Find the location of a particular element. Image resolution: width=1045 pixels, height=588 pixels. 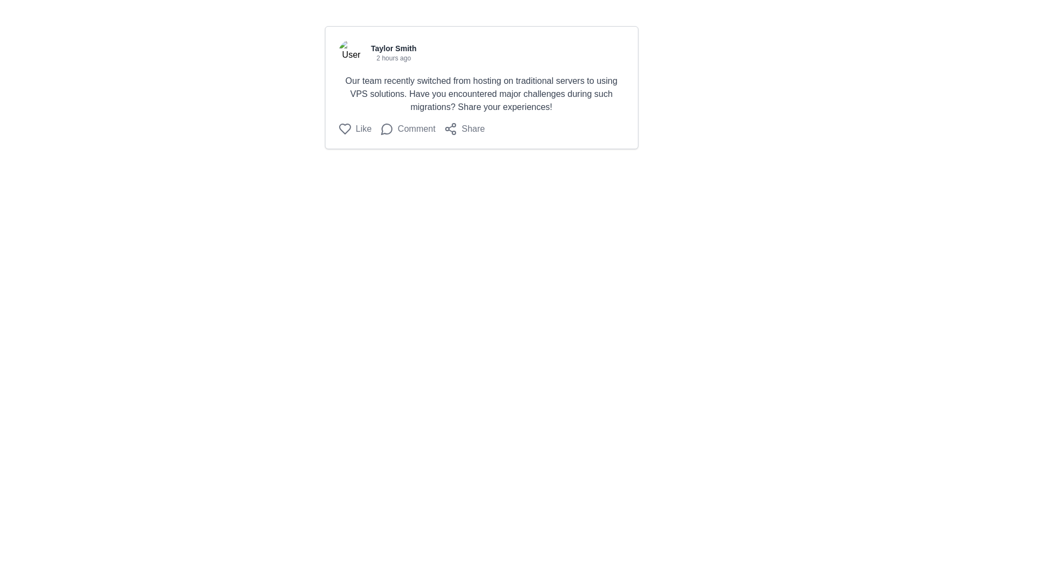

the 'Like' text label, which is styled in gray and positioned to the right of a heart icon in a horizontal layout is located at coordinates (364, 128).